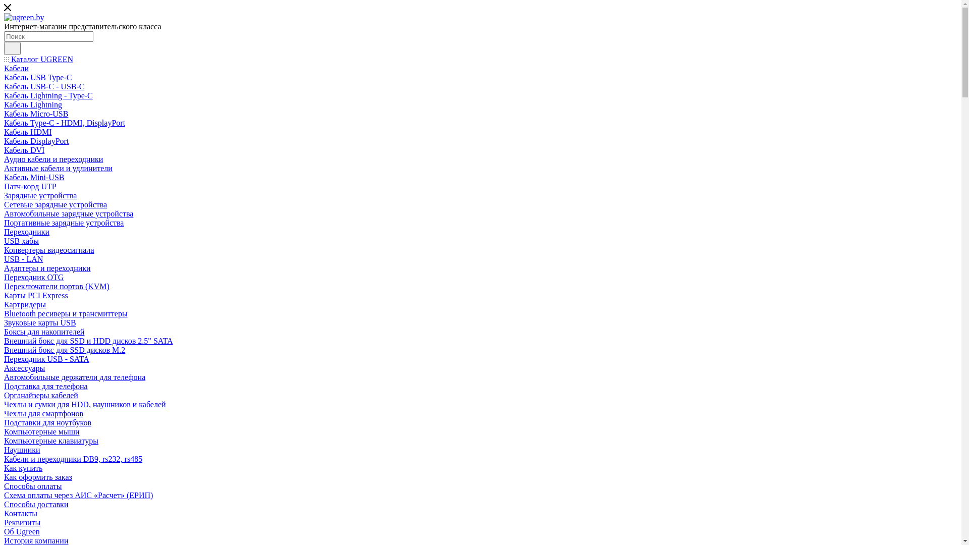  I want to click on 'ugreen.by', so click(24, 17).